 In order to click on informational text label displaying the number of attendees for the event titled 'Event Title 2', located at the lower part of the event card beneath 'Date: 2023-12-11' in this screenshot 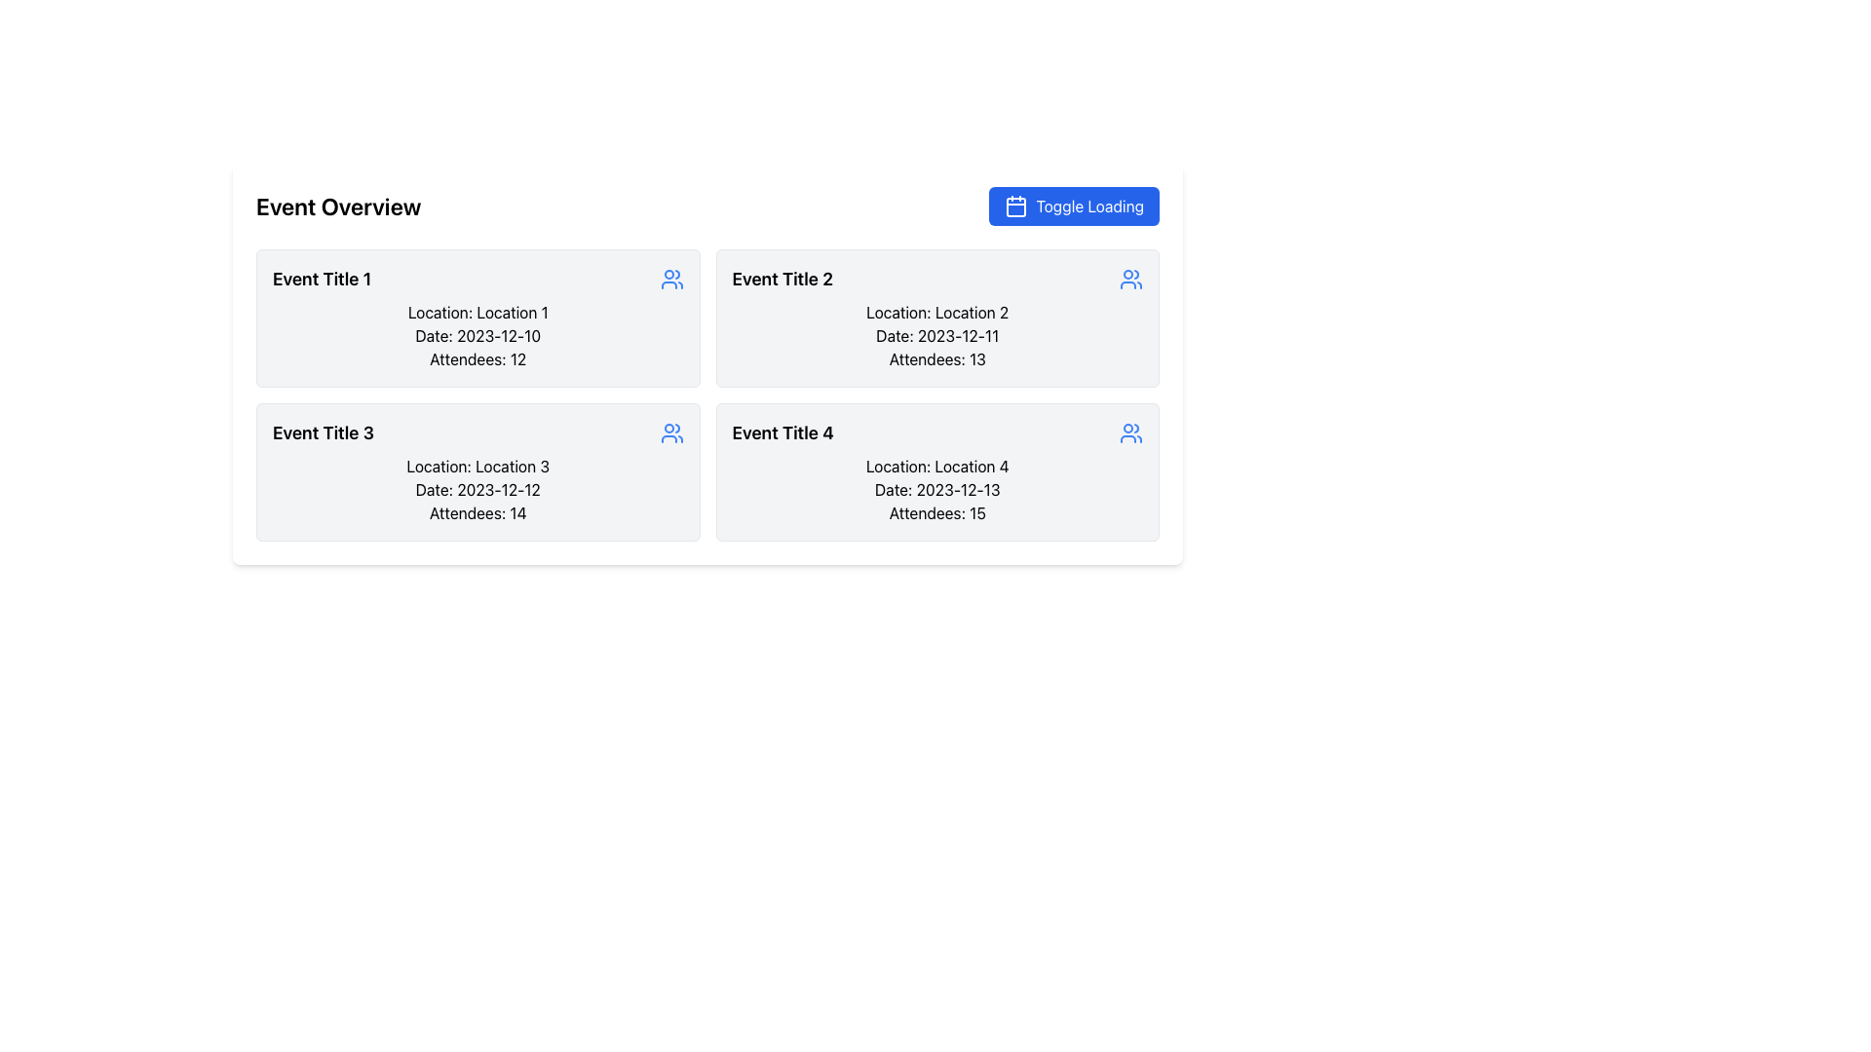, I will do `click(937, 359)`.